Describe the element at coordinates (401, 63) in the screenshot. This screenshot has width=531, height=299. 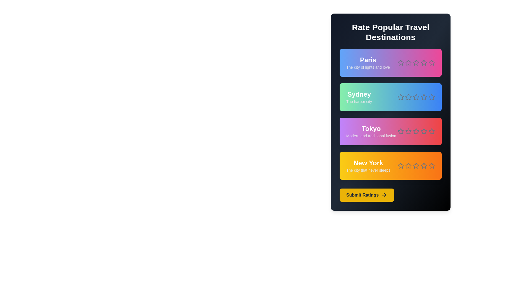
I see `the rating for a destination to 1 stars` at that location.